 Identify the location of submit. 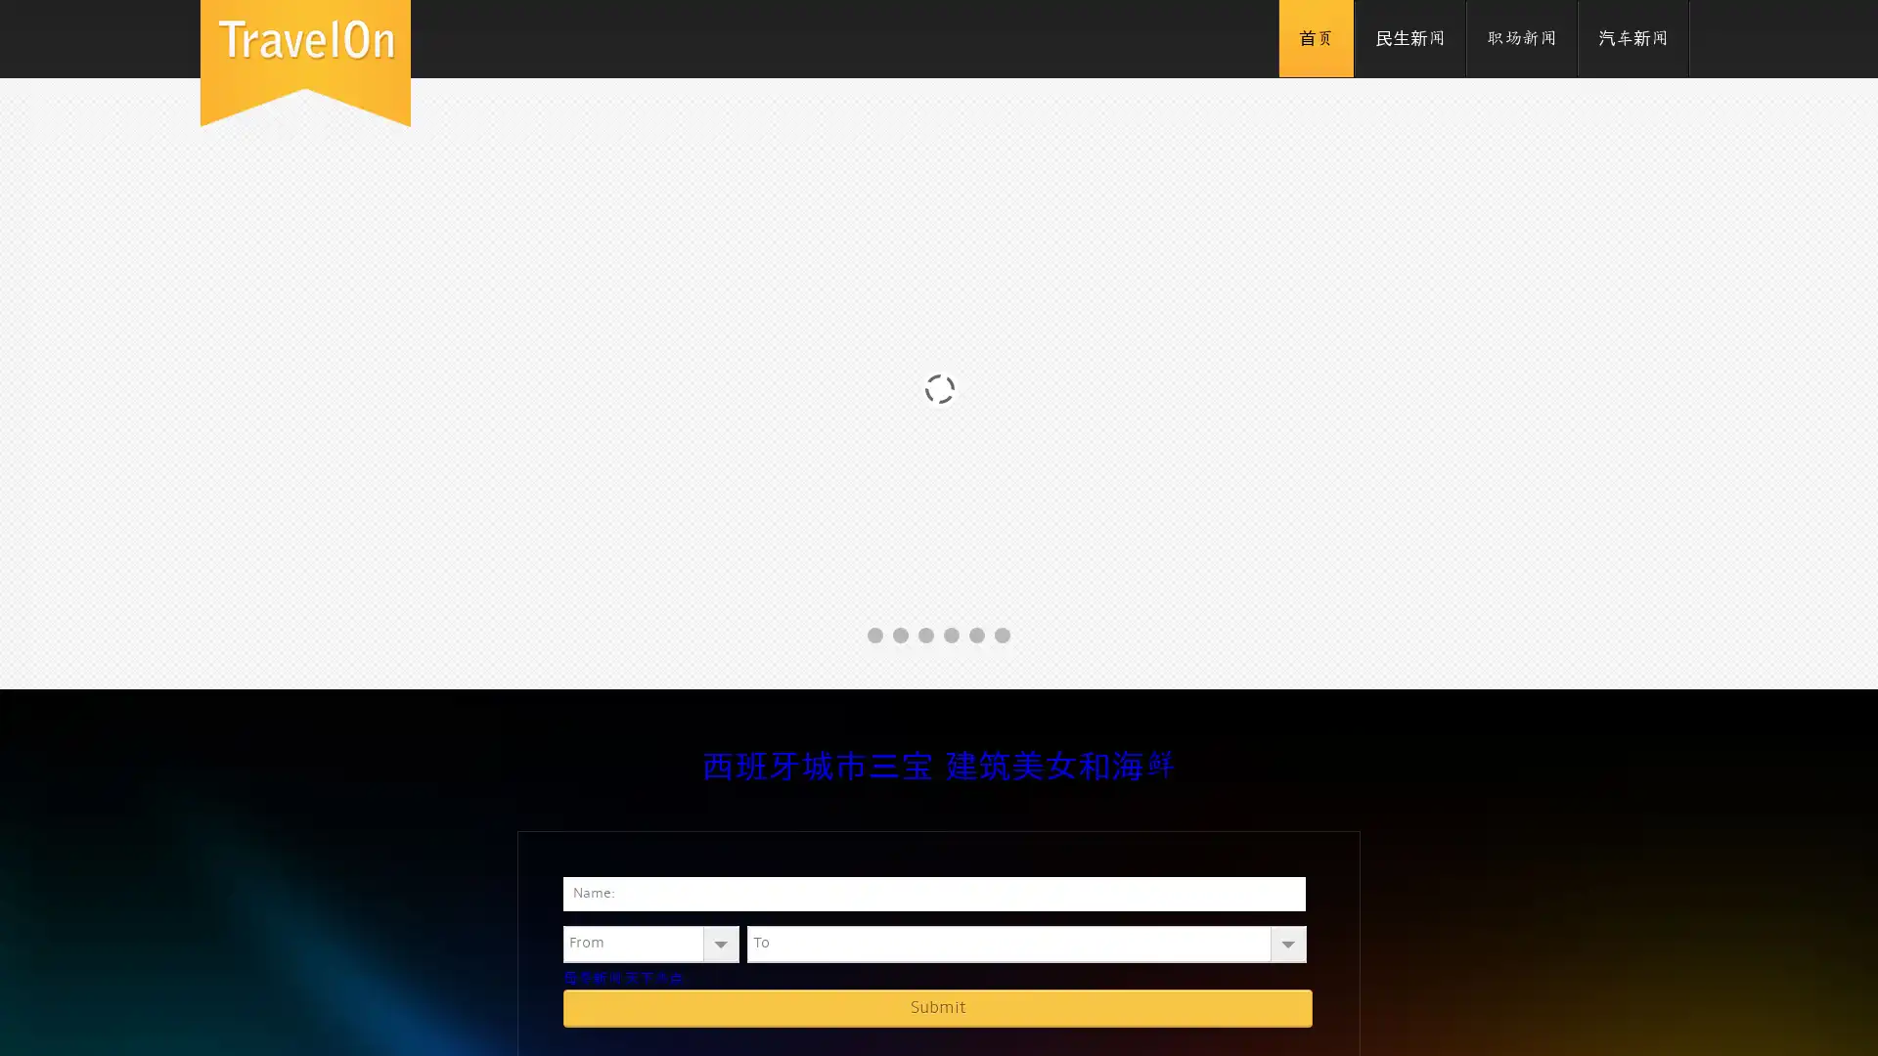
(937, 1007).